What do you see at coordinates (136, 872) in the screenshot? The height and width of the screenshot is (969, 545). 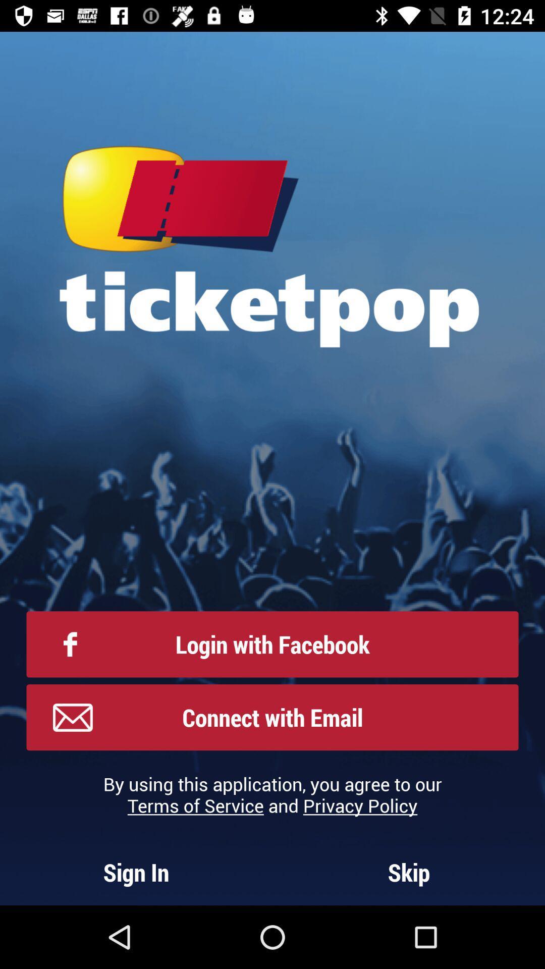 I see `the icon next to skip icon` at bounding box center [136, 872].